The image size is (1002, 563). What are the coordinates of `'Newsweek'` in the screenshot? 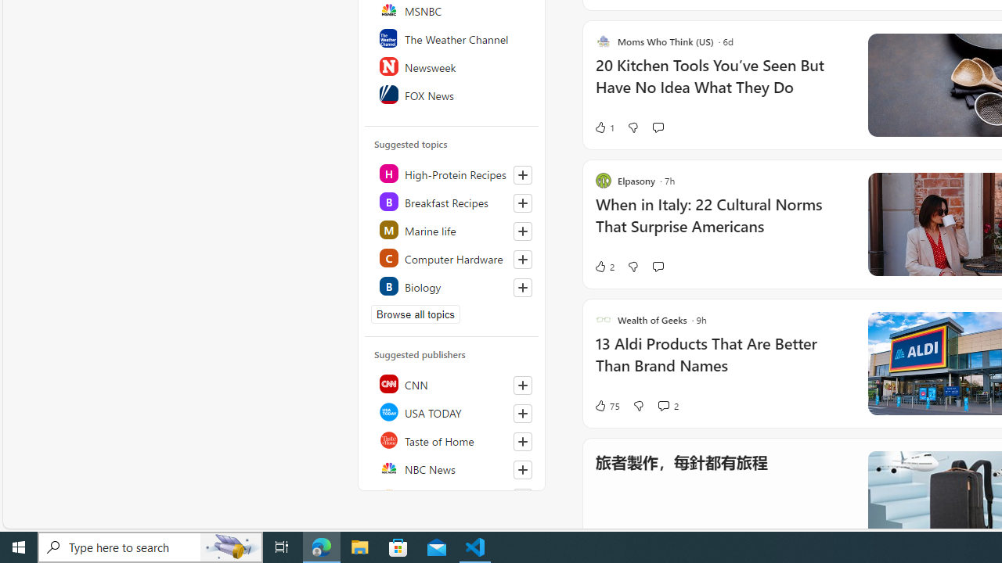 It's located at (452, 65).